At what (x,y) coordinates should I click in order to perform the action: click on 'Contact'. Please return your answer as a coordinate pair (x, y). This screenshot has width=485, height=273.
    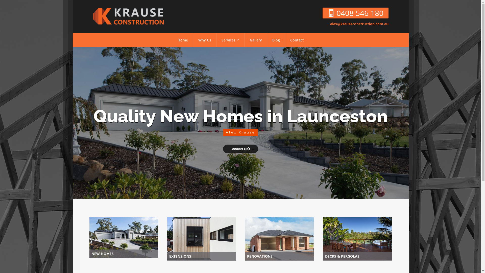
    Looking at the image, I should click on (297, 40).